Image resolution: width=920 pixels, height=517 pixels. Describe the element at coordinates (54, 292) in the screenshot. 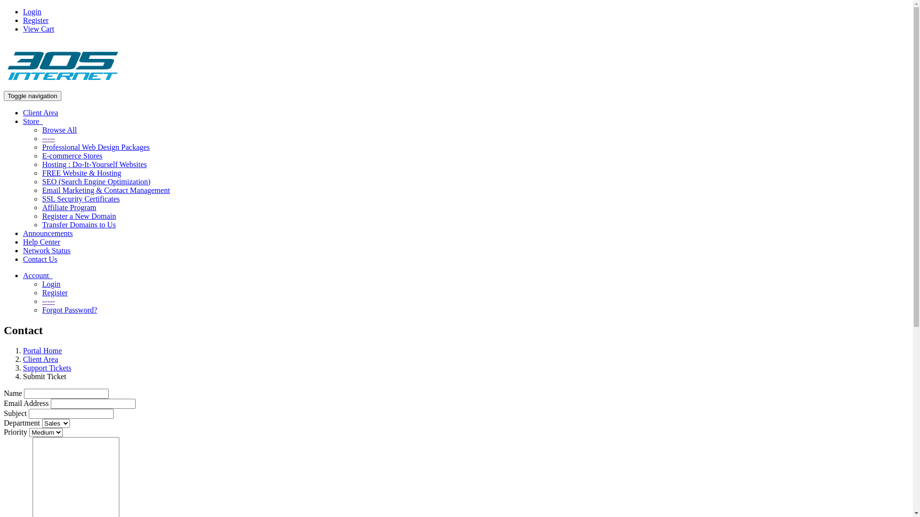

I see `'Register'` at that location.